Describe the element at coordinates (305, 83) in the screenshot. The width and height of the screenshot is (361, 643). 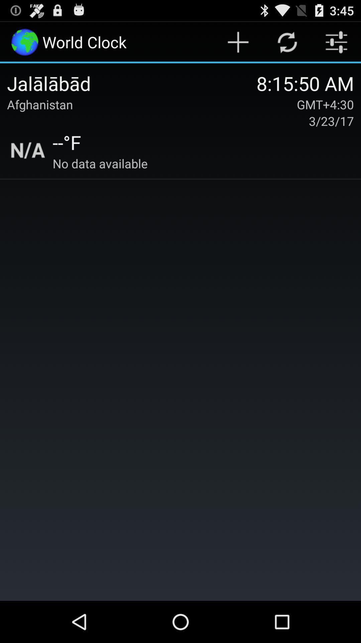
I see `the 8 15 50` at that location.